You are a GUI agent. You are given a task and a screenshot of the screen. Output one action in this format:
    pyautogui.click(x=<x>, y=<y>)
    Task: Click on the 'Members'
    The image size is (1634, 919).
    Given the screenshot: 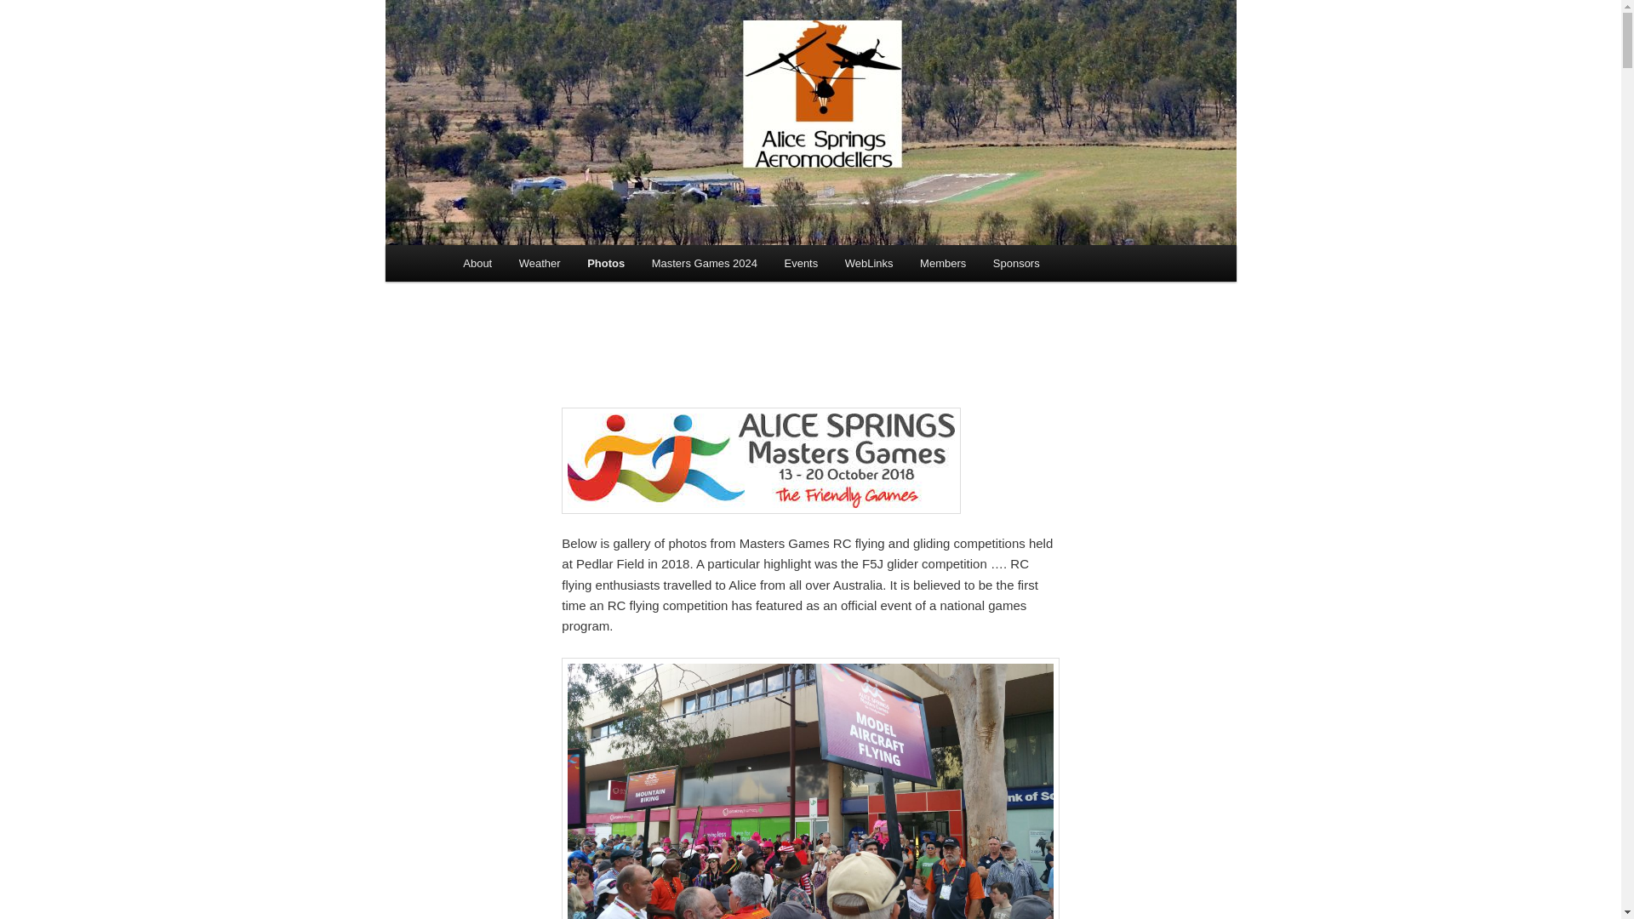 What is the action you would take?
    pyautogui.click(x=942, y=263)
    